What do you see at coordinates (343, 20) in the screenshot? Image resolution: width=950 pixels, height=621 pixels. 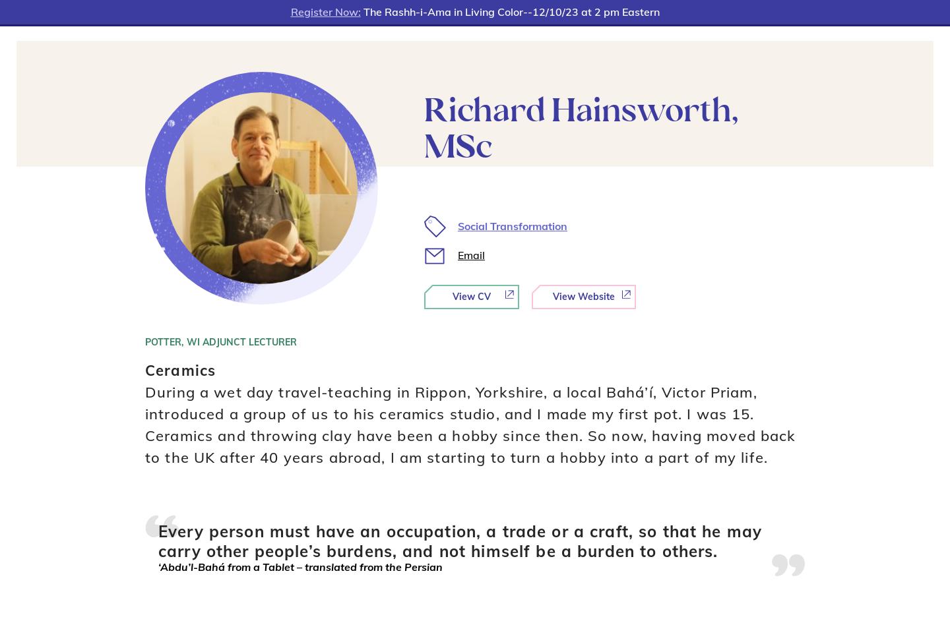 I see `'Academics'` at bounding box center [343, 20].